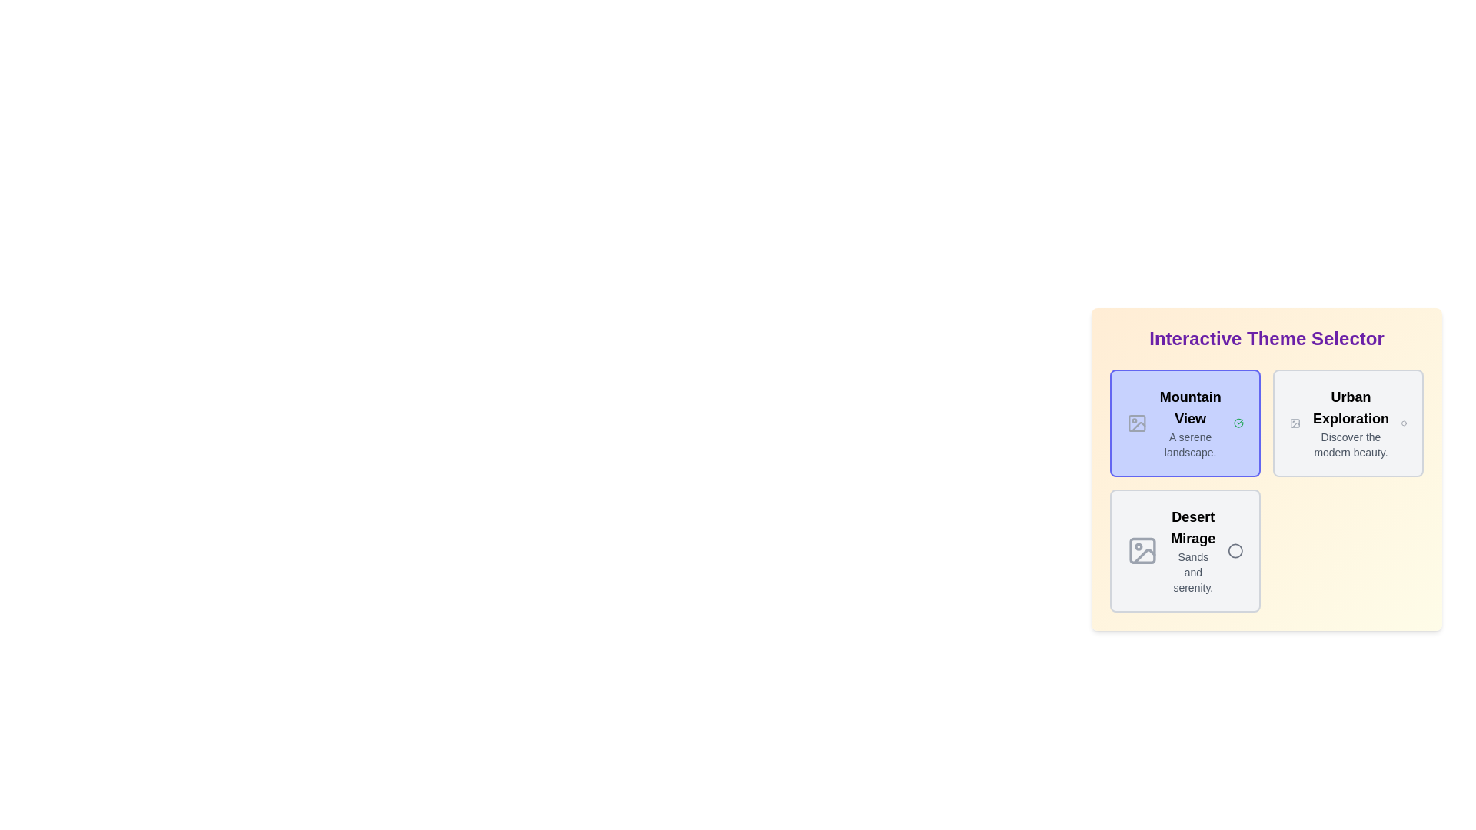 The image size is (1476, 830). What do you see at coordinates (1184, 550) in the screenshot?
I see `the chip corresponding to Desert Mirage` at bounding box center [1184, 550].